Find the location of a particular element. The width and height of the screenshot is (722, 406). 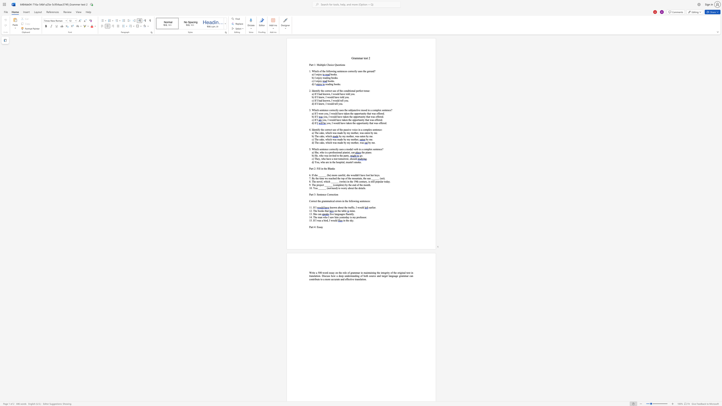

the subset text "If" within the text "d) If" is located at coordinates (314, 123).